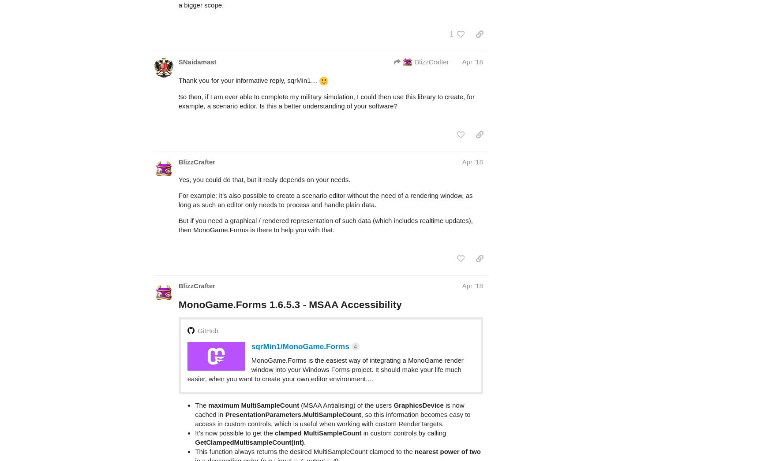 This screenshot has height=461, width=772. What do you see at coordinates (277, 442) in the screenshot?
I see `'https://www.nuget.org/packages/MonoGame.Forms/'` at bounding box center [277, 442].